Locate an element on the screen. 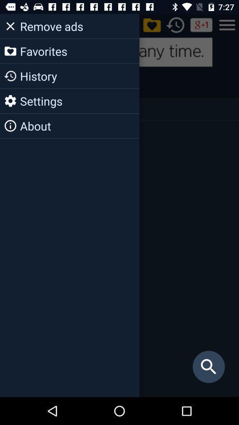 The image size is (239, 425). the history icon is located at coordinates (12, 82).